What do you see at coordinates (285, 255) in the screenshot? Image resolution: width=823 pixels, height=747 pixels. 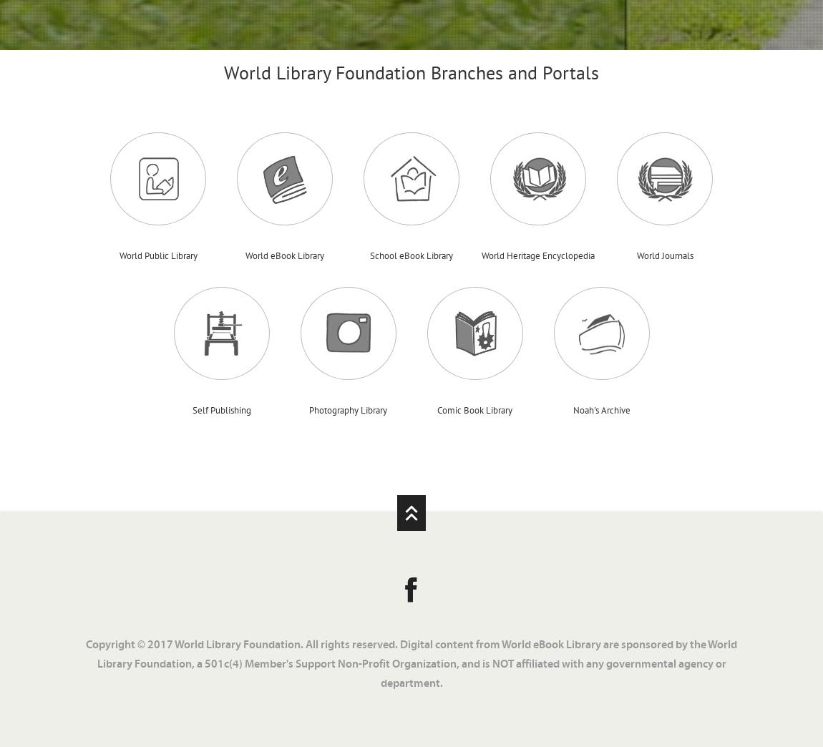 I see `'World eBook Library'` at bounding box center [285, 255].